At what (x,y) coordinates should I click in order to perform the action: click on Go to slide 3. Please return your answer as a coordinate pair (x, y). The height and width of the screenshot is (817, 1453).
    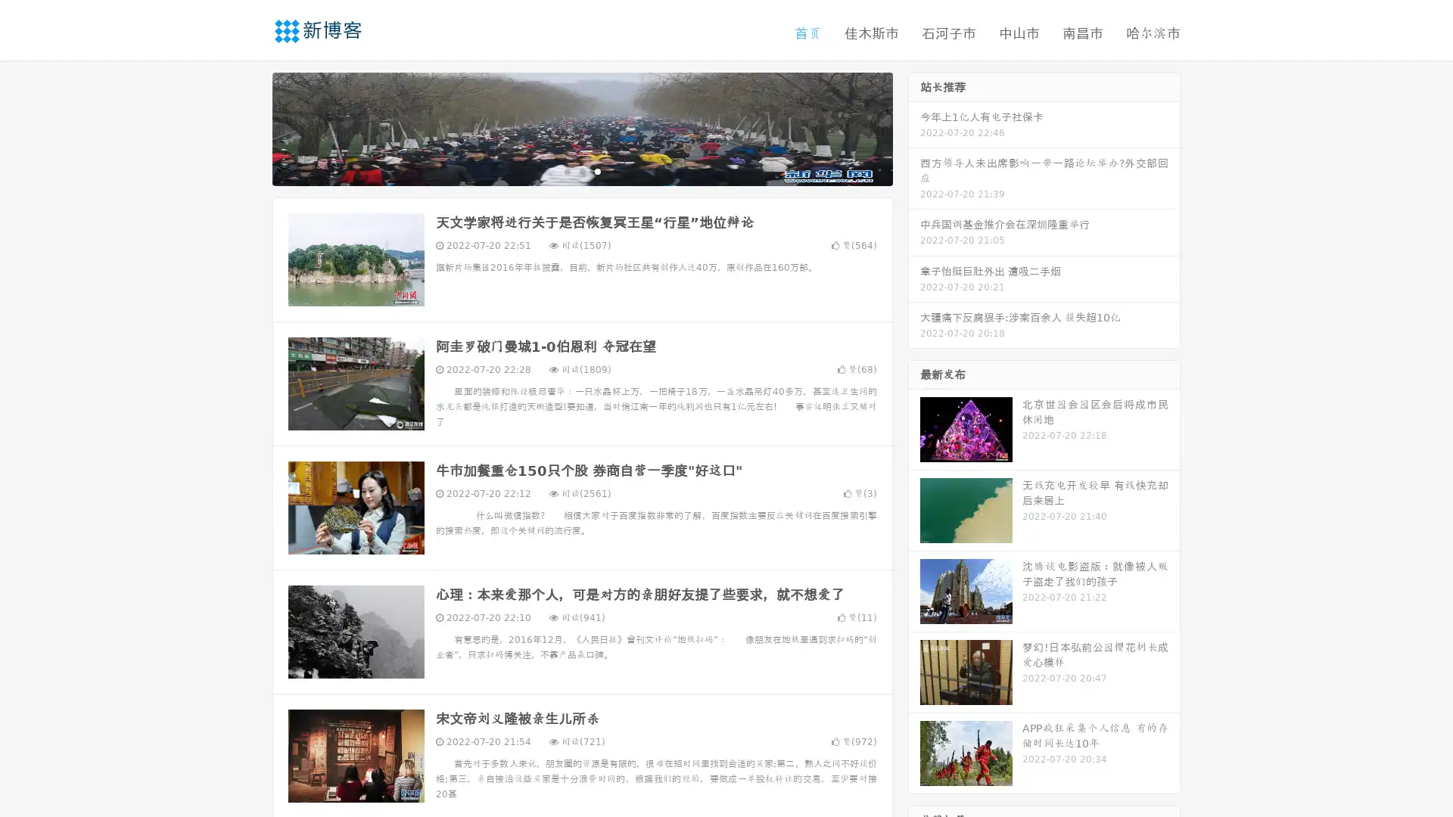
    Looking at the image, I should click on (597, 170).